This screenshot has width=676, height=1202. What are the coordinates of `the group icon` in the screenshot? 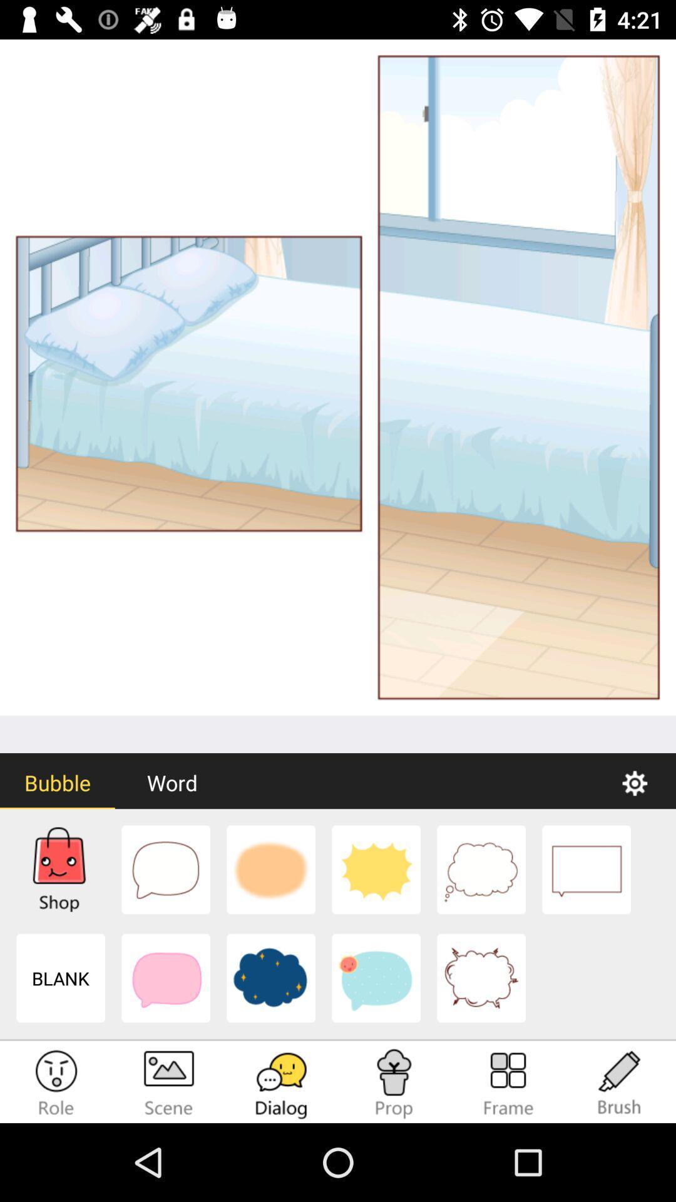 It's located at (507, 1083).